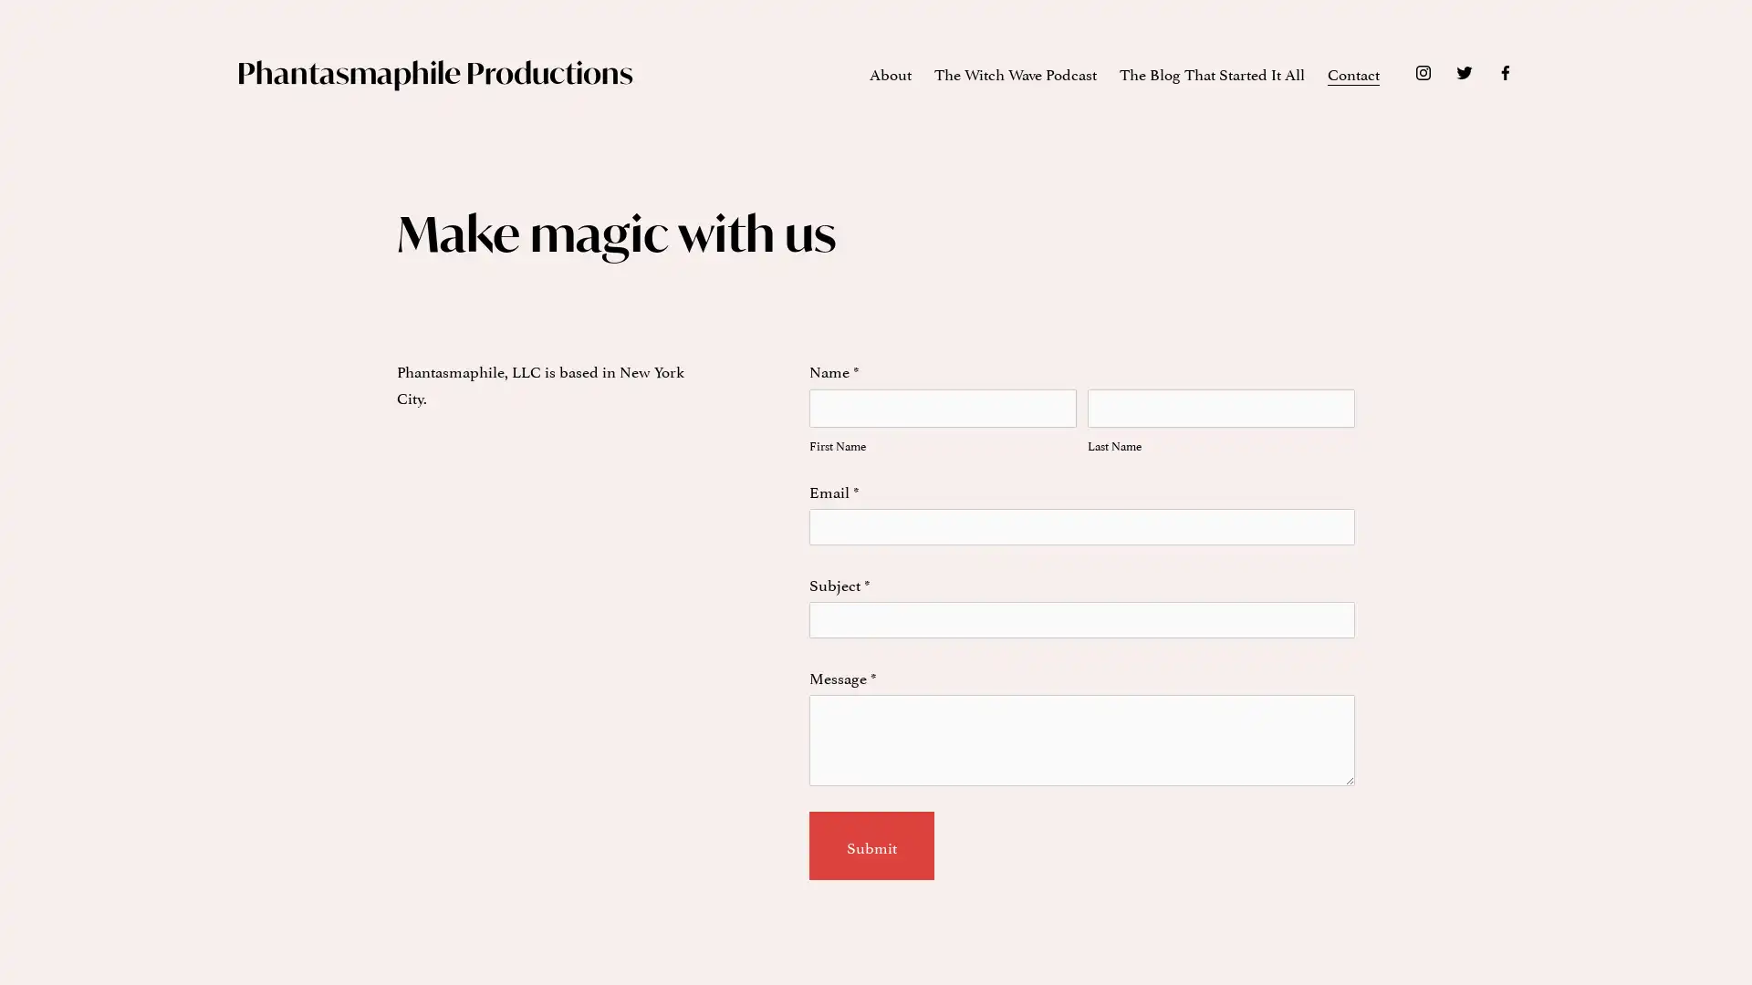 The image size is (1752, 985). I want to click on Submit, so click(870, 845).